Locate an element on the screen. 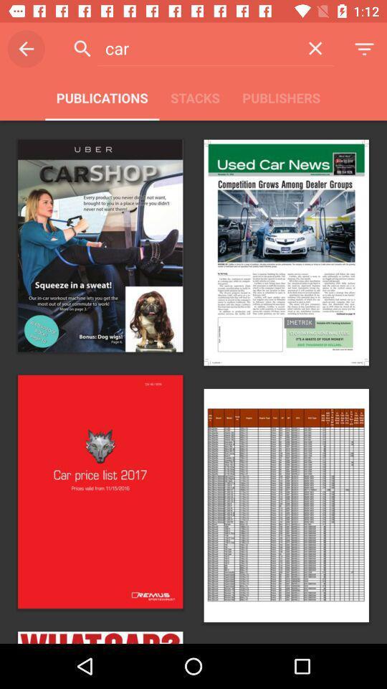  1st row 2nd column publication is located at coordinates (286, 253).